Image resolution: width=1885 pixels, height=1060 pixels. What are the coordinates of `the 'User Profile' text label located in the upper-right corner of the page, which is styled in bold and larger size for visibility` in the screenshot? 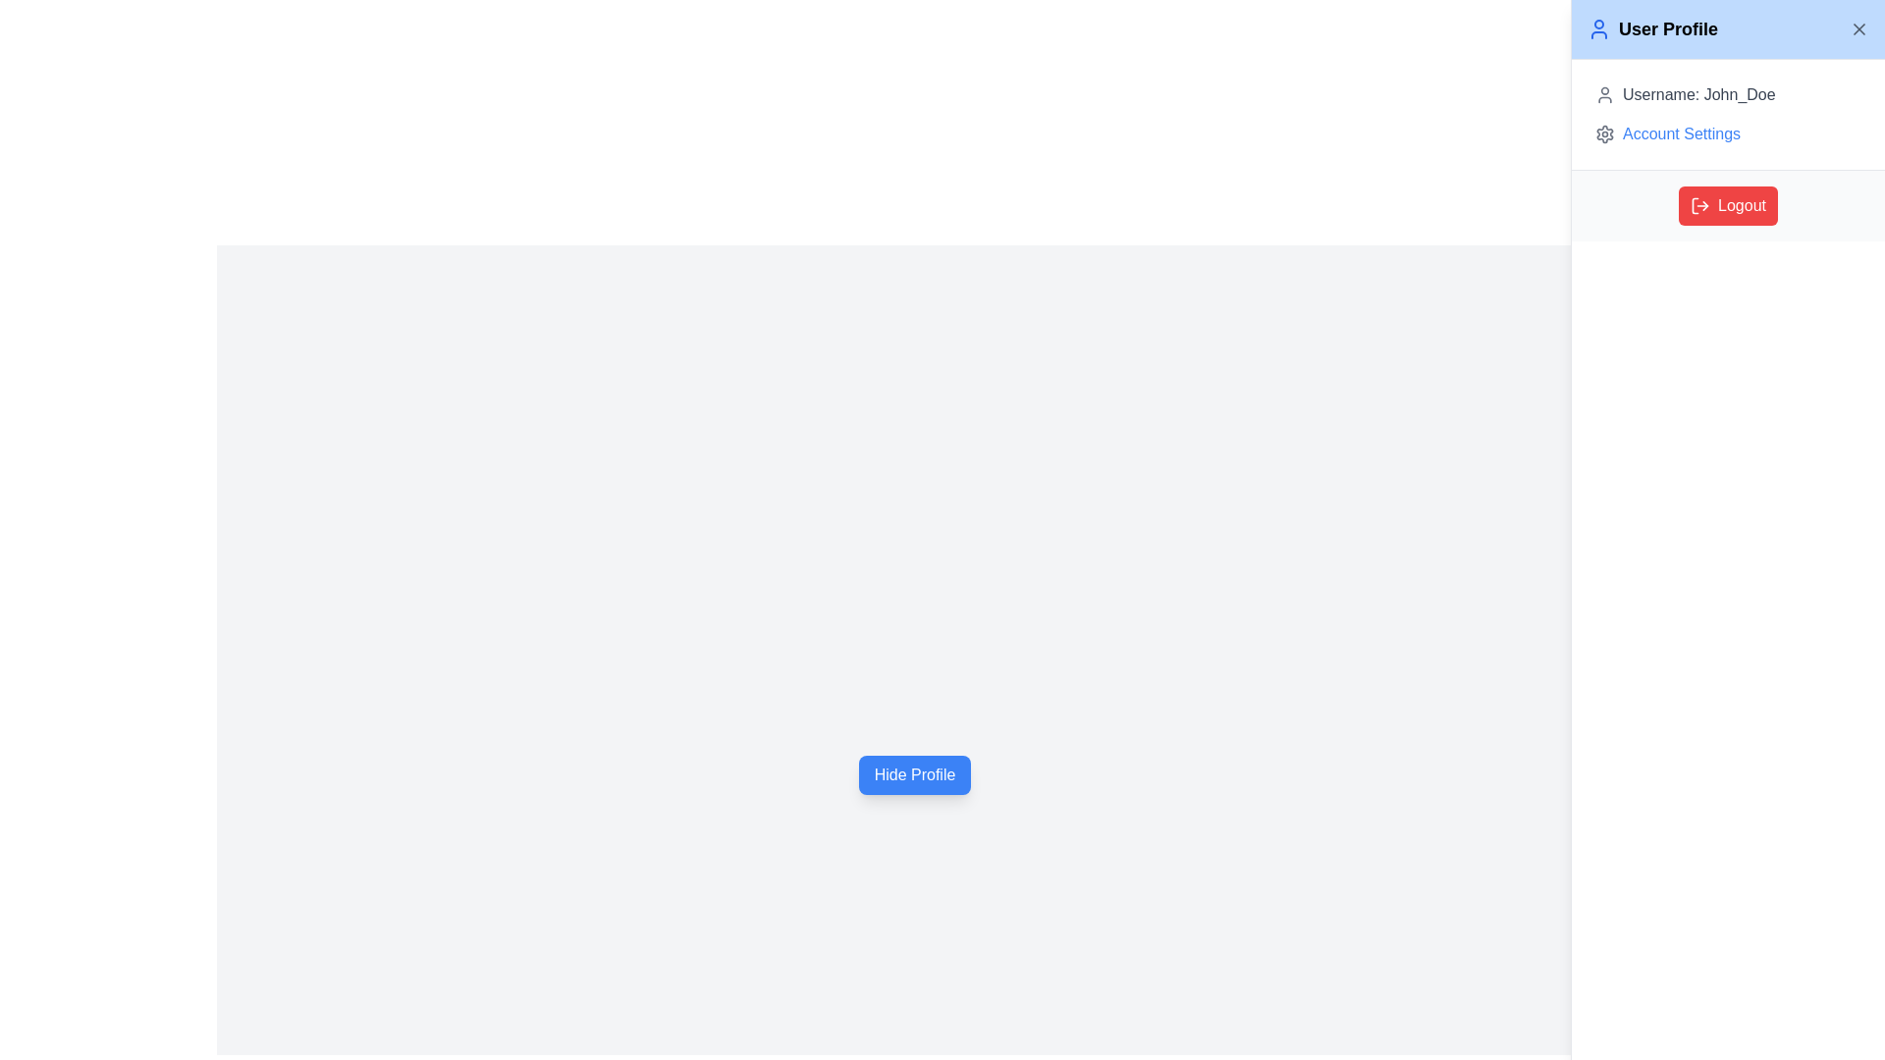 It's located at (1667, 29).